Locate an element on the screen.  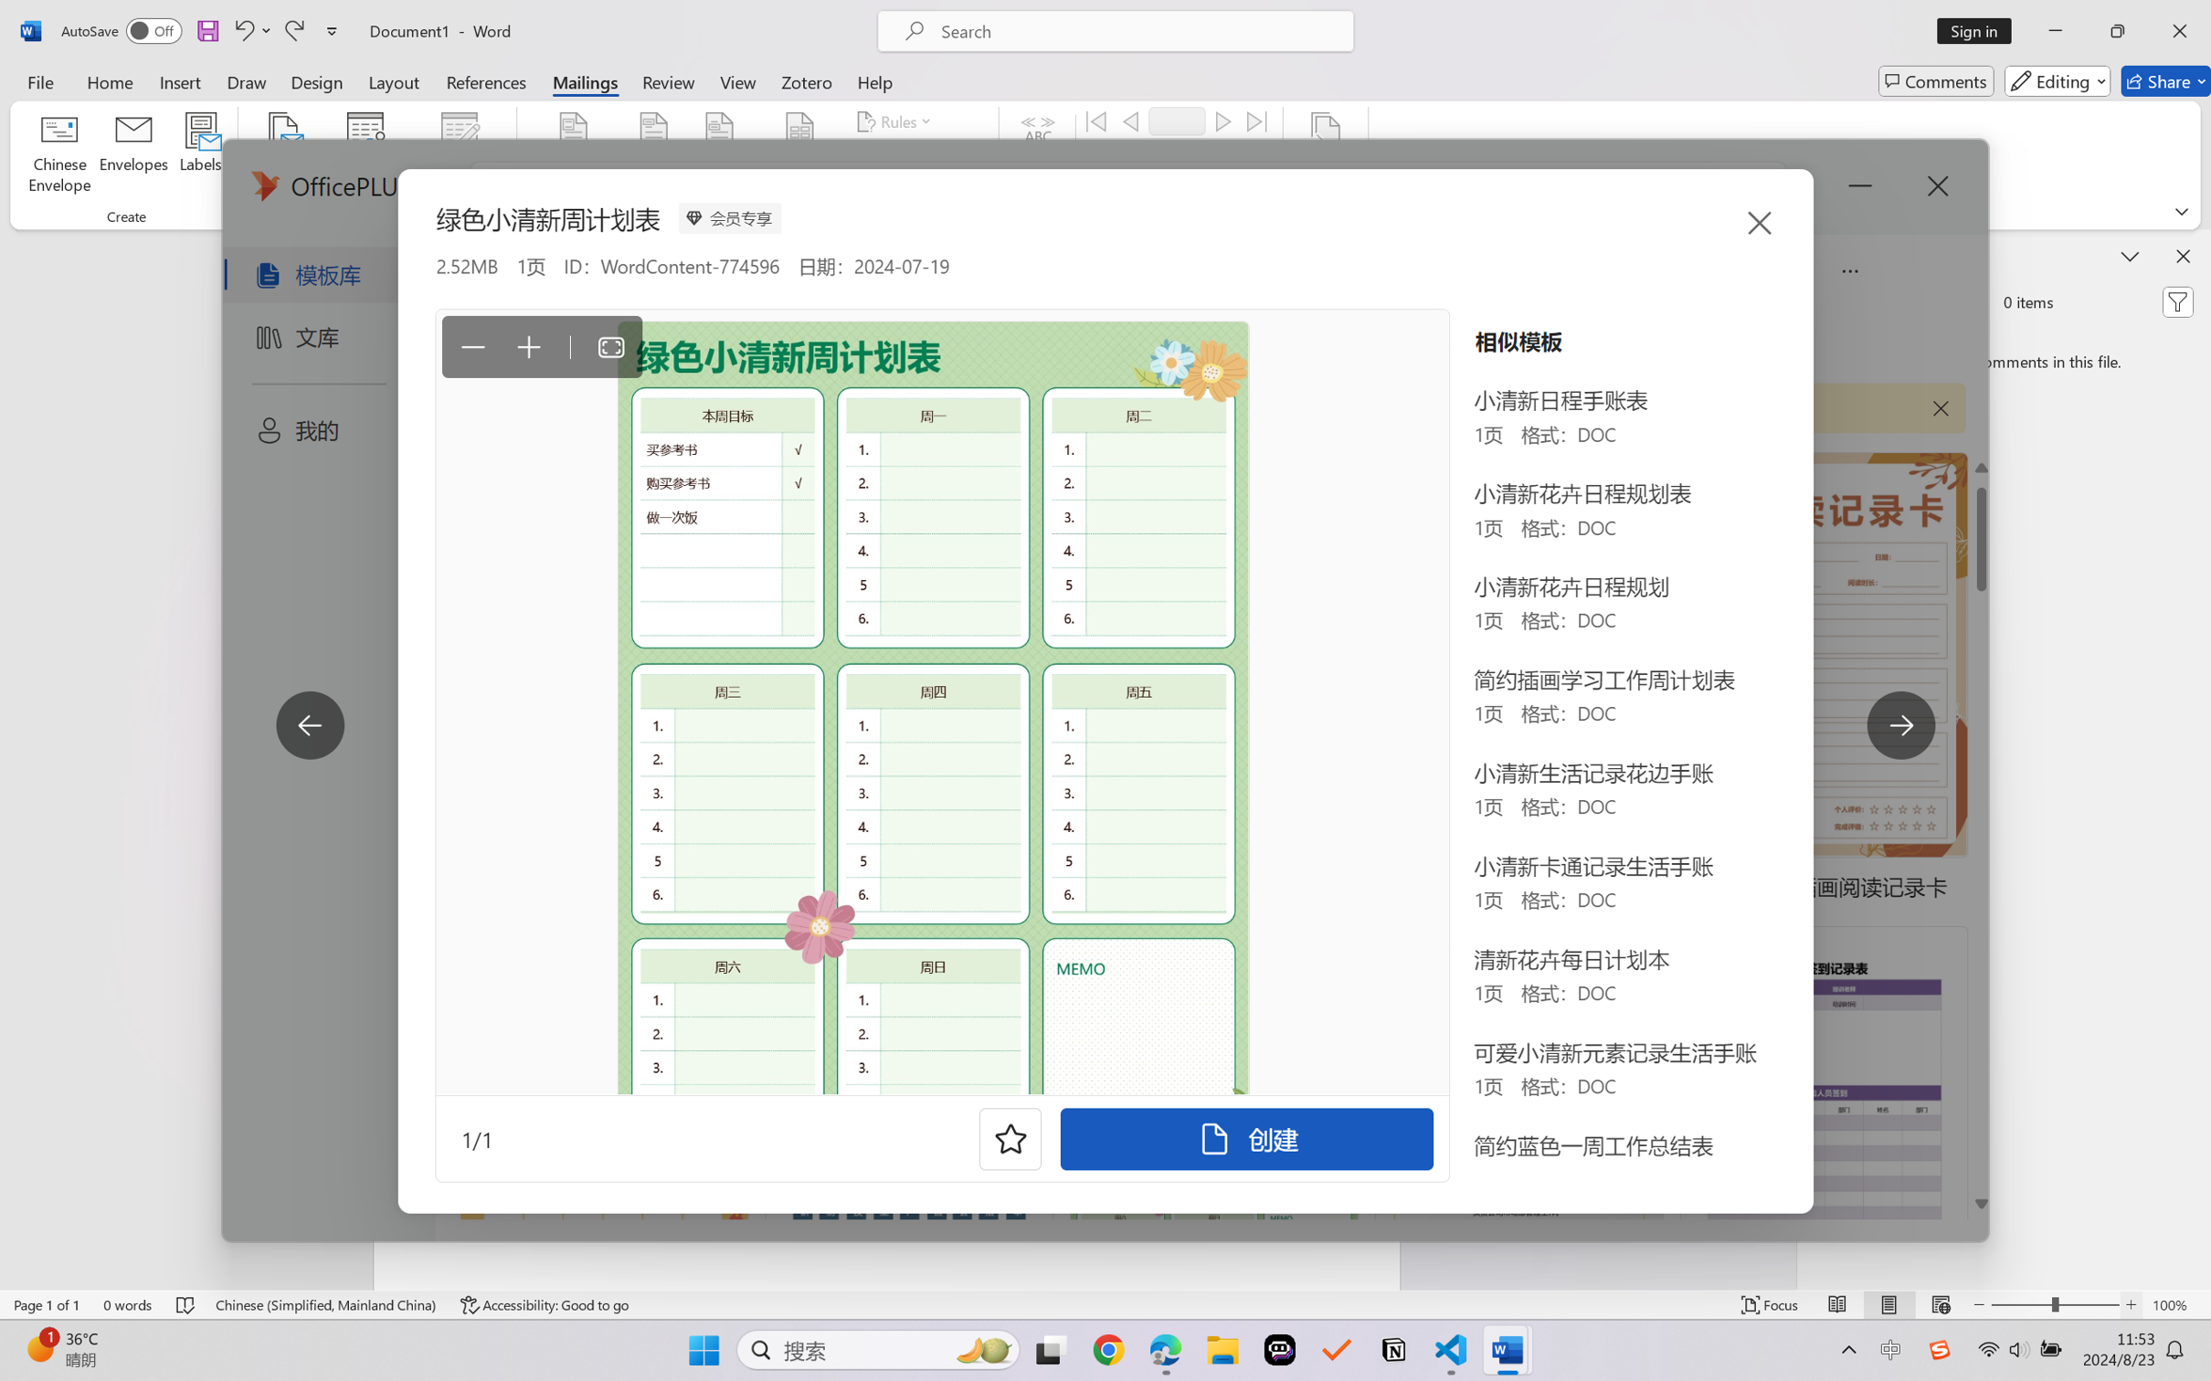
'First' is located at coordinates (1096, 120).